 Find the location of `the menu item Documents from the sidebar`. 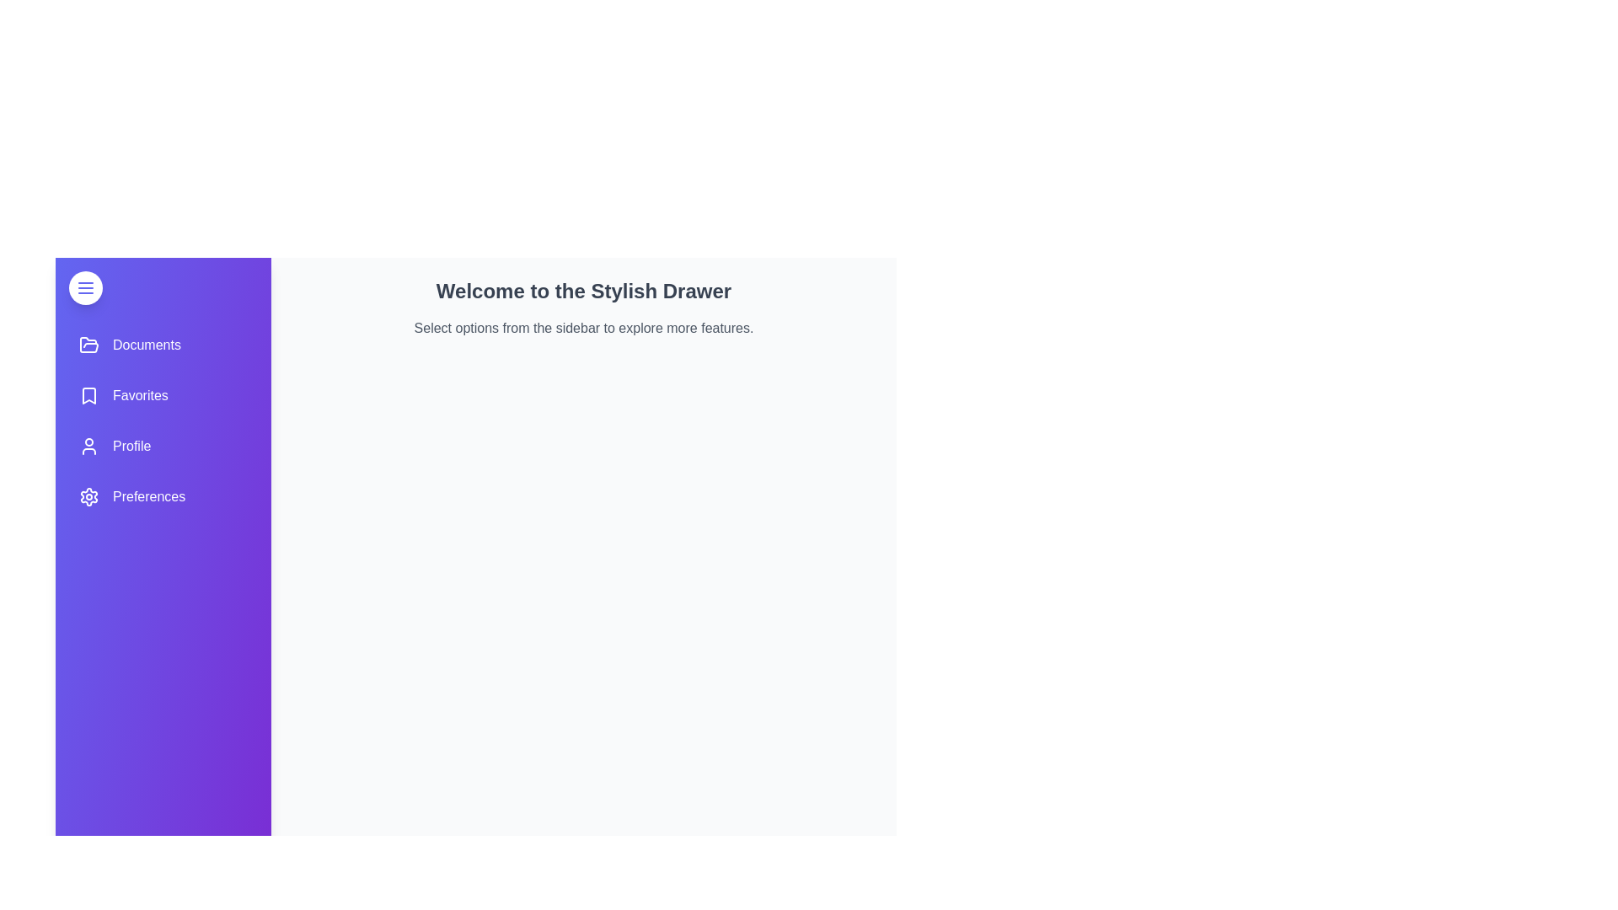

the menu item Documents from the sidebar is located at coordinates (163, 344).